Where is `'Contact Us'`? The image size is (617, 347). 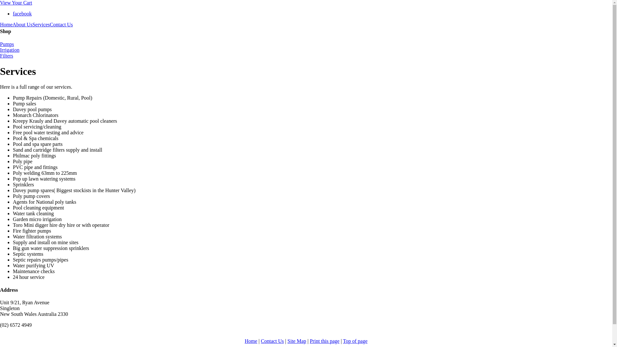 'Contact Us' is located at coordinates (273, 341).